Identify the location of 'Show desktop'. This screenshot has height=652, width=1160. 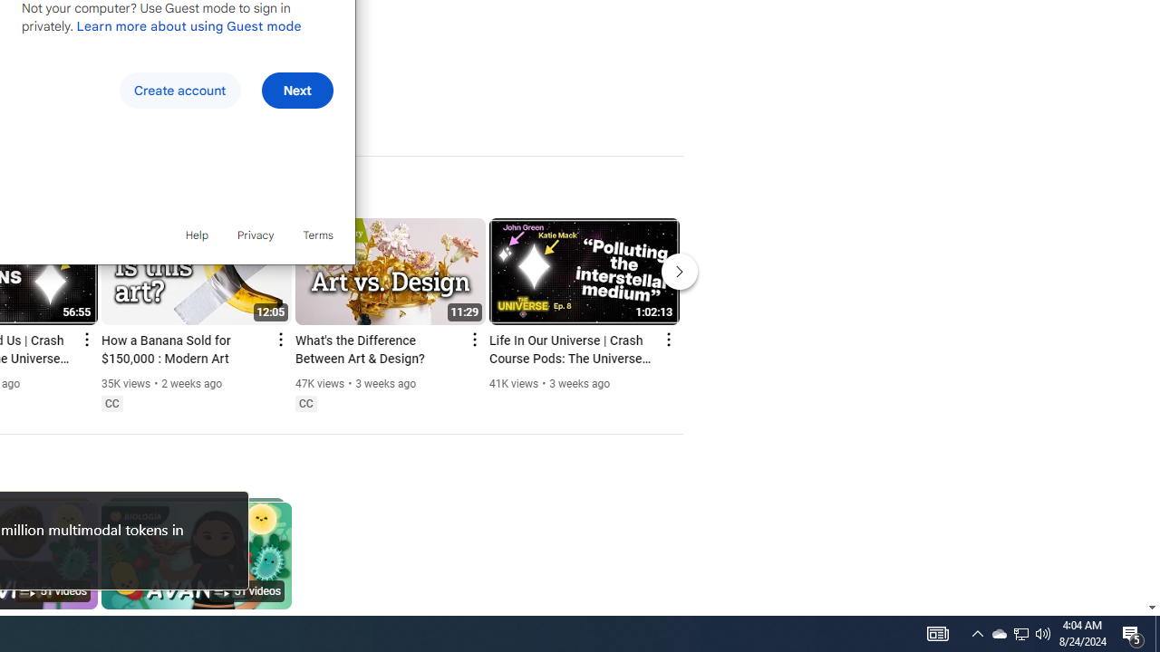
(1156, 632).